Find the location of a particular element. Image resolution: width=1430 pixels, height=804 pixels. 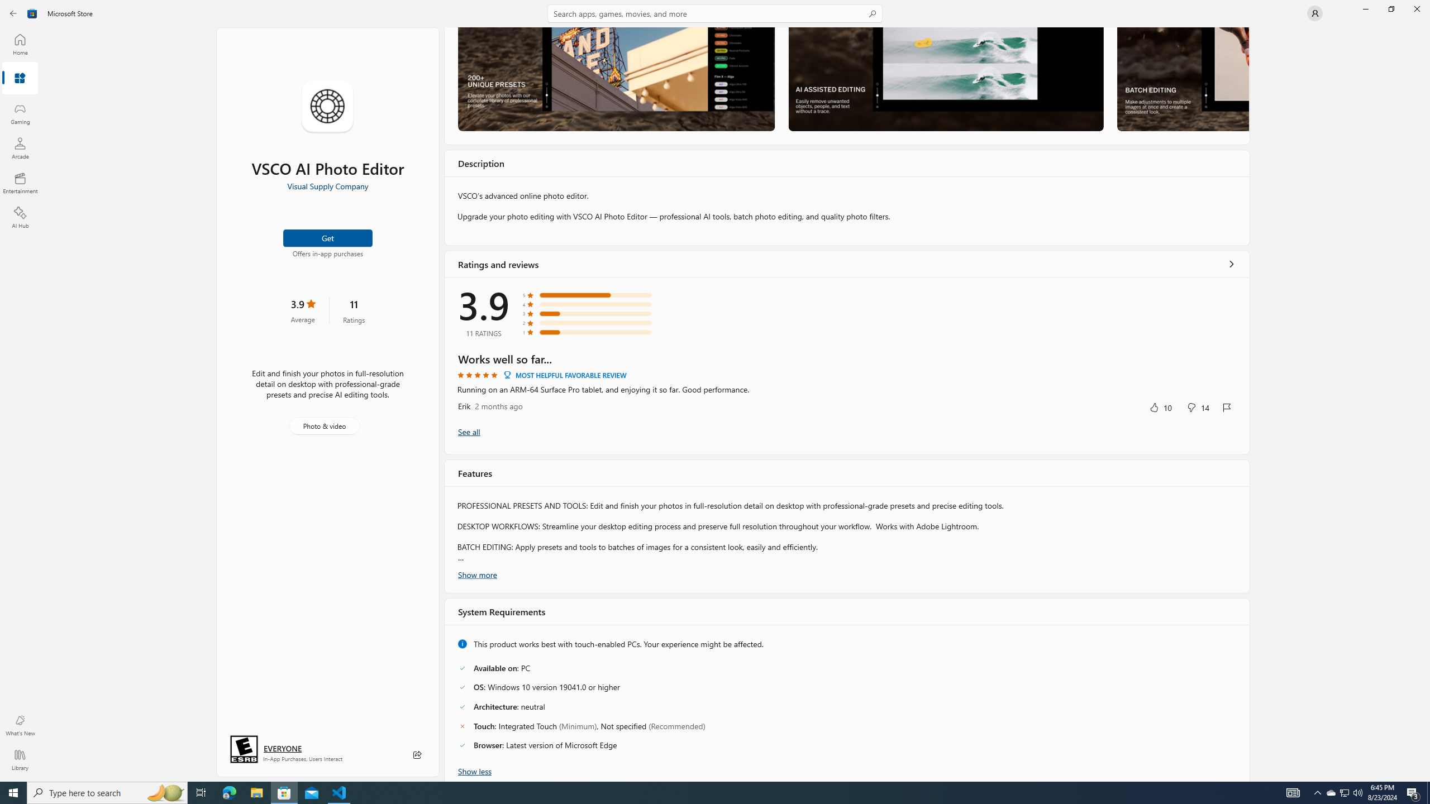

'Screenshot 3' is located at coordinates (1182, 79).